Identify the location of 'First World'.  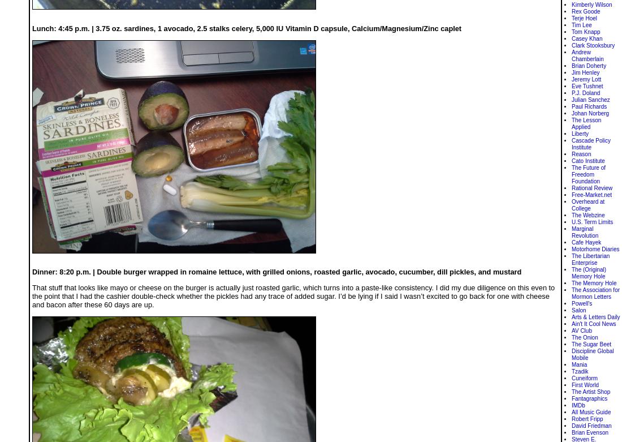
(571, 384).